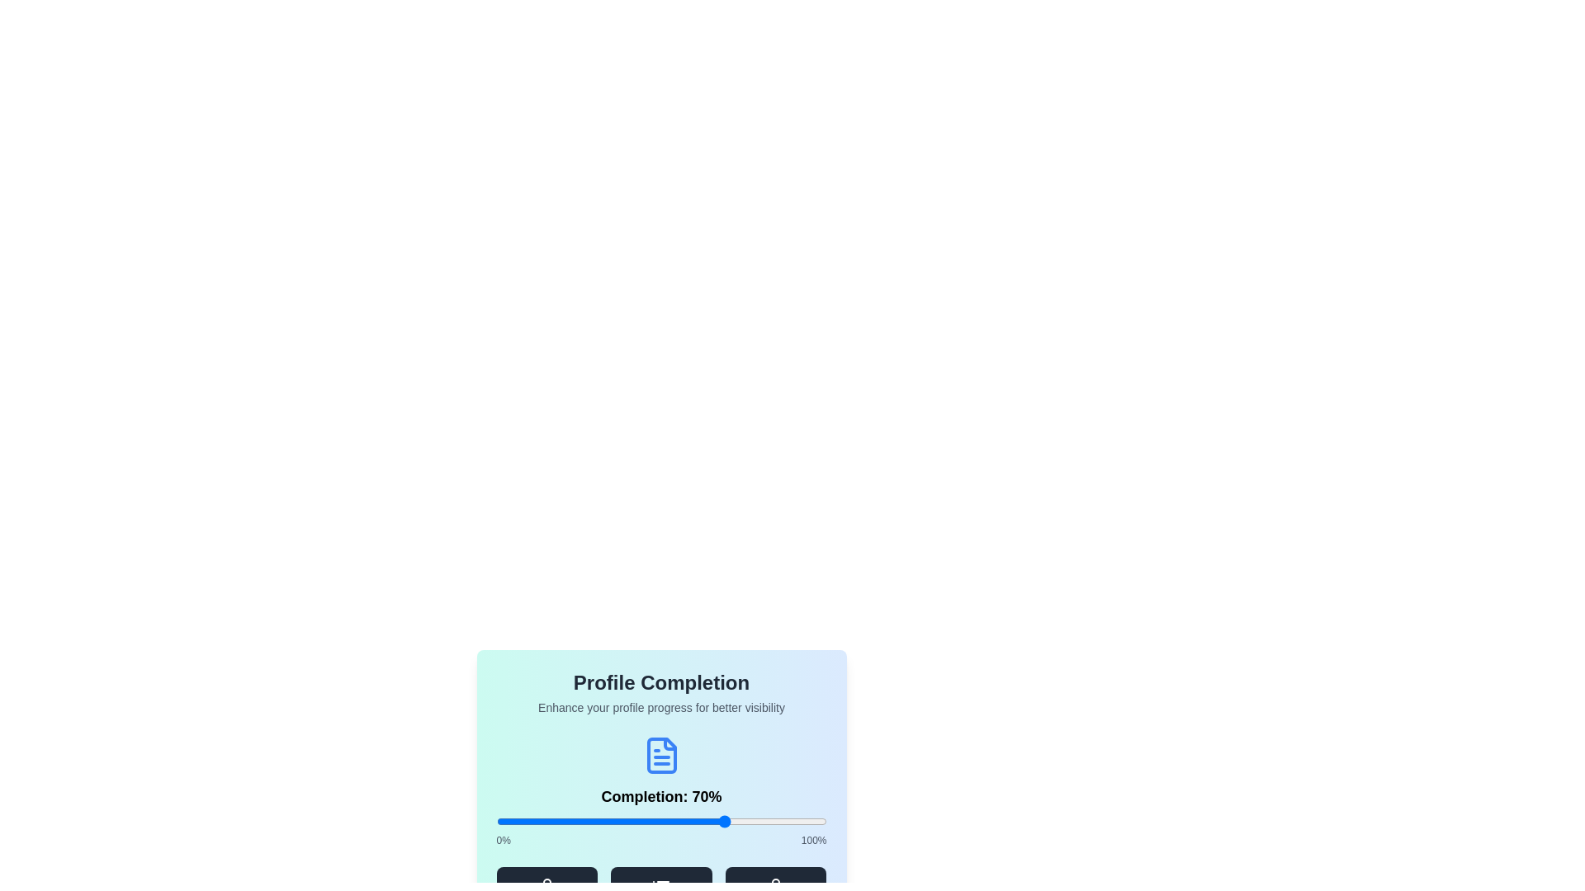  What do you see at coordinates (661, 790) in the screenshot?
I see `the styled text element reading 'Completion: 70%' that is bold, centered, and located below an icon within a card layout` at bounding box center [661, 790].